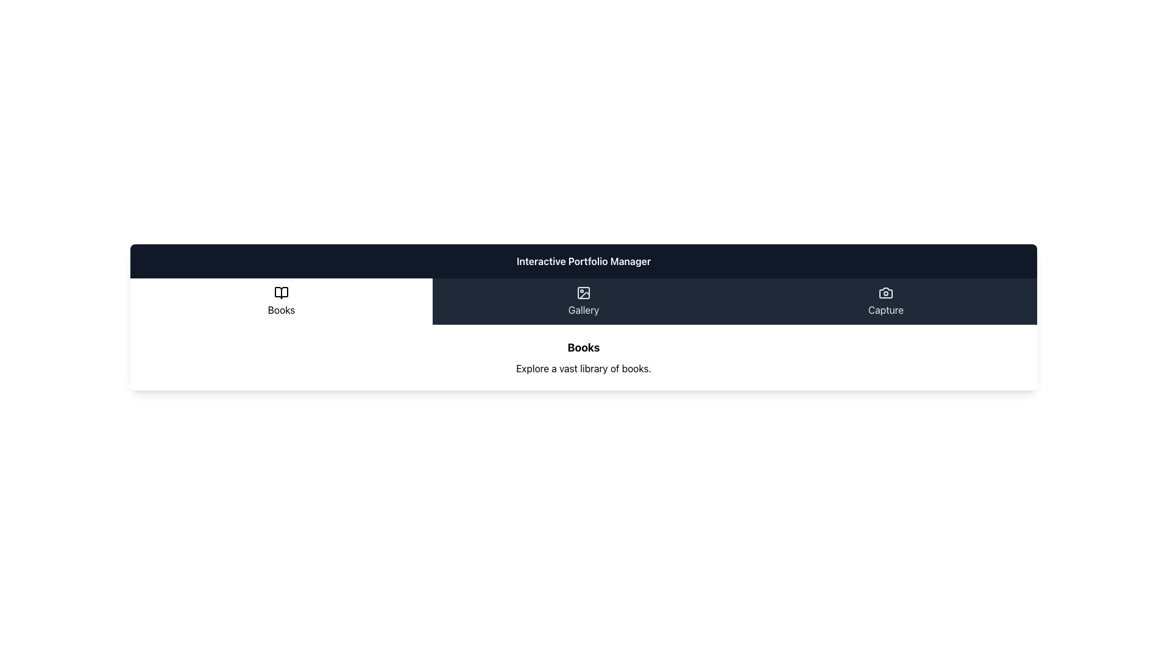  I want to click on the text label that provides a description or title for its associated functionality, located in the bottom section of the interface below a camera icon, so click(886, 310).